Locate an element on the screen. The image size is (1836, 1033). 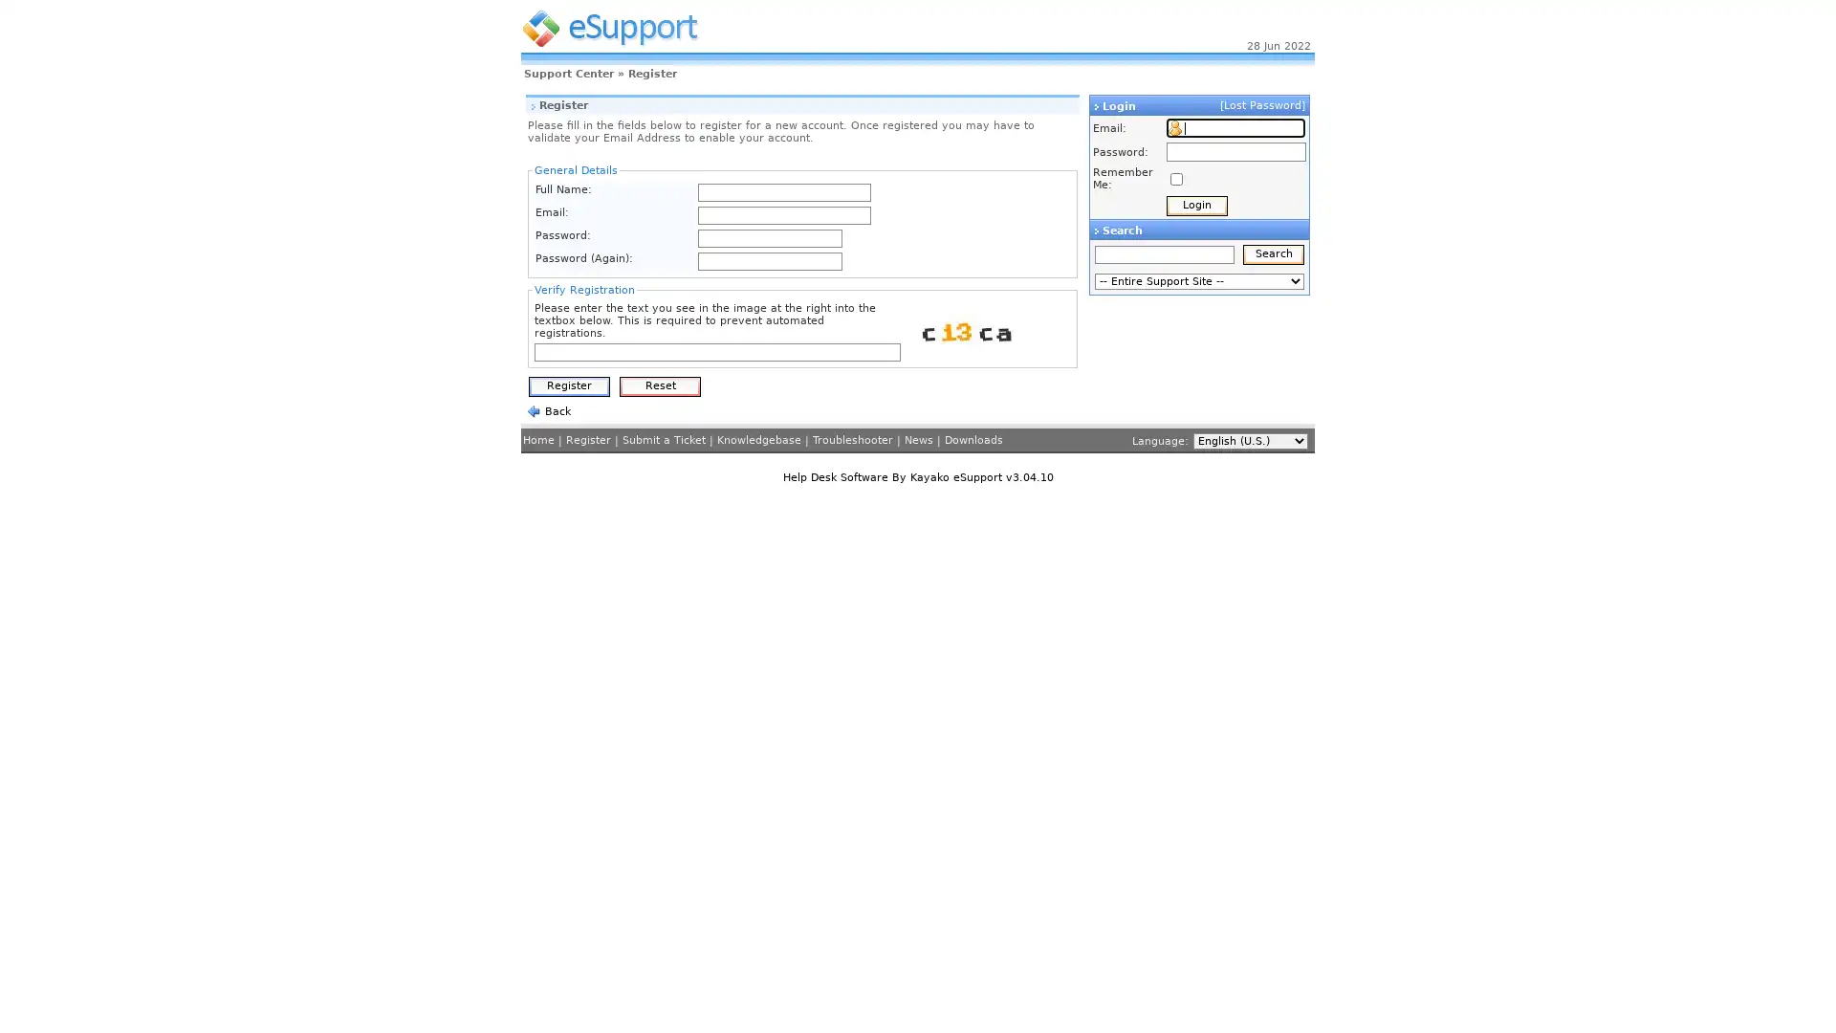
Register is located at coordinates (568, 386).